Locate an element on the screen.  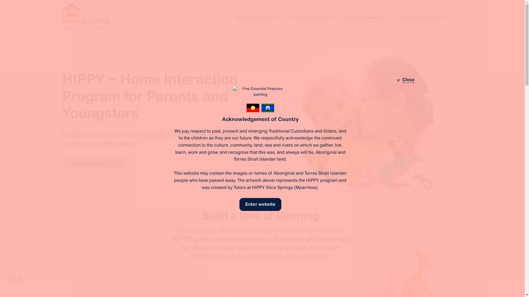
'See the program' is located at coordinates (257, 17).